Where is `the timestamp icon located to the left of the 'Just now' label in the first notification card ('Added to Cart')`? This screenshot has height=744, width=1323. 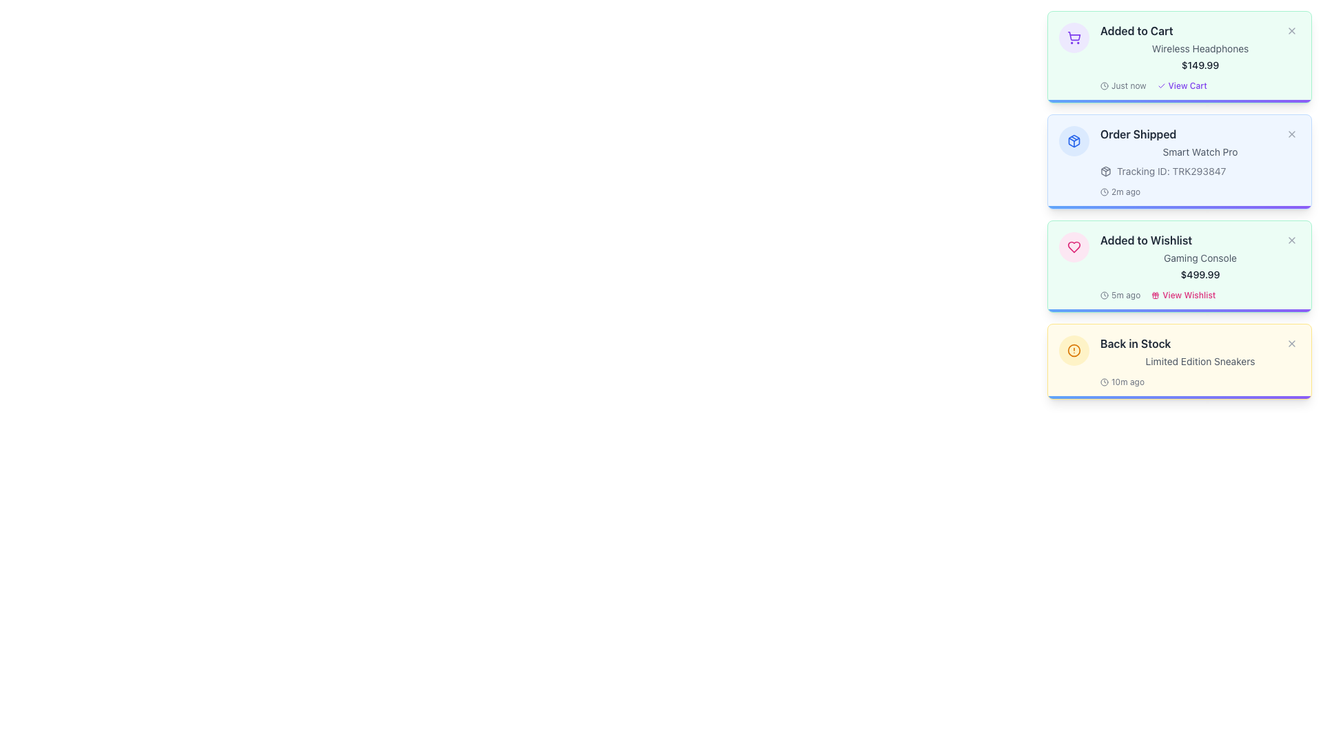 the timestamp icon located to the left of the 'Just now' label in the first notification card ('Added to Cart') is located at coordinates (1105, 85).